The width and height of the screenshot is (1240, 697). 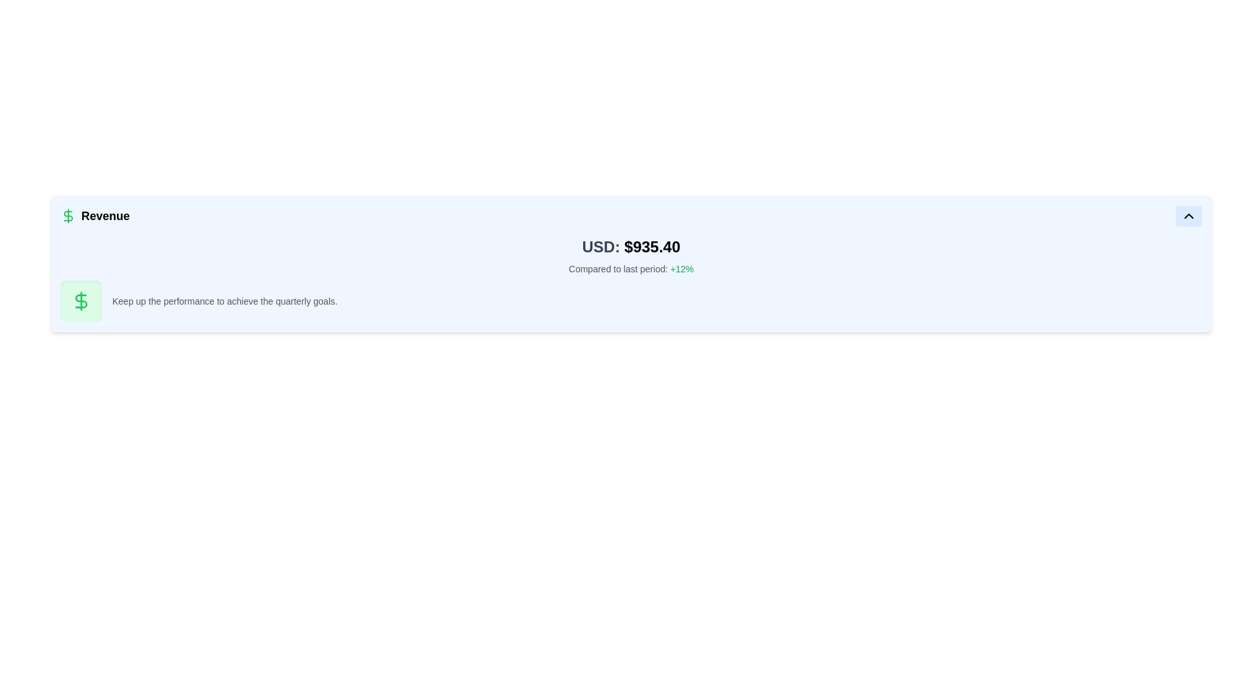 What do you see at coordinates (631, 268) in the screenshot?
I see `the Text Label that indicates a positive change of 12% and is located beneath the larger bold text displaying 'USD: $935.40'` at bounding box center [631, 268].